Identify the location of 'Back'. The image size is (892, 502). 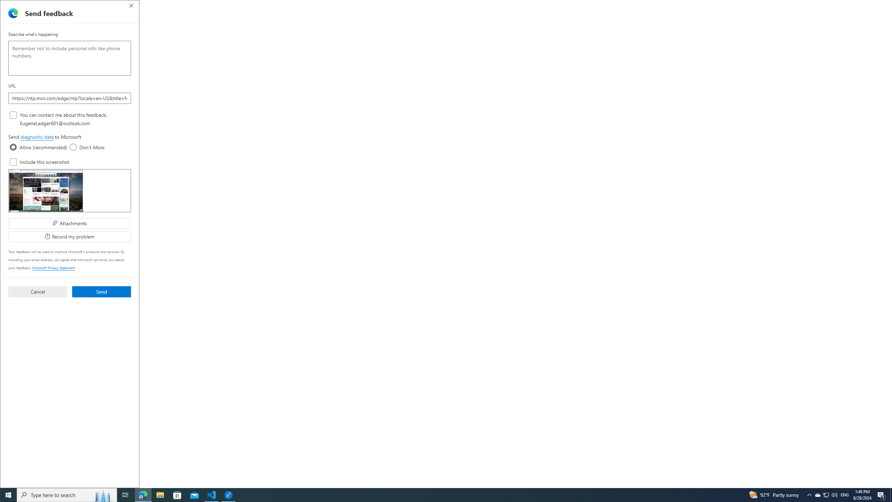
(8, 18).